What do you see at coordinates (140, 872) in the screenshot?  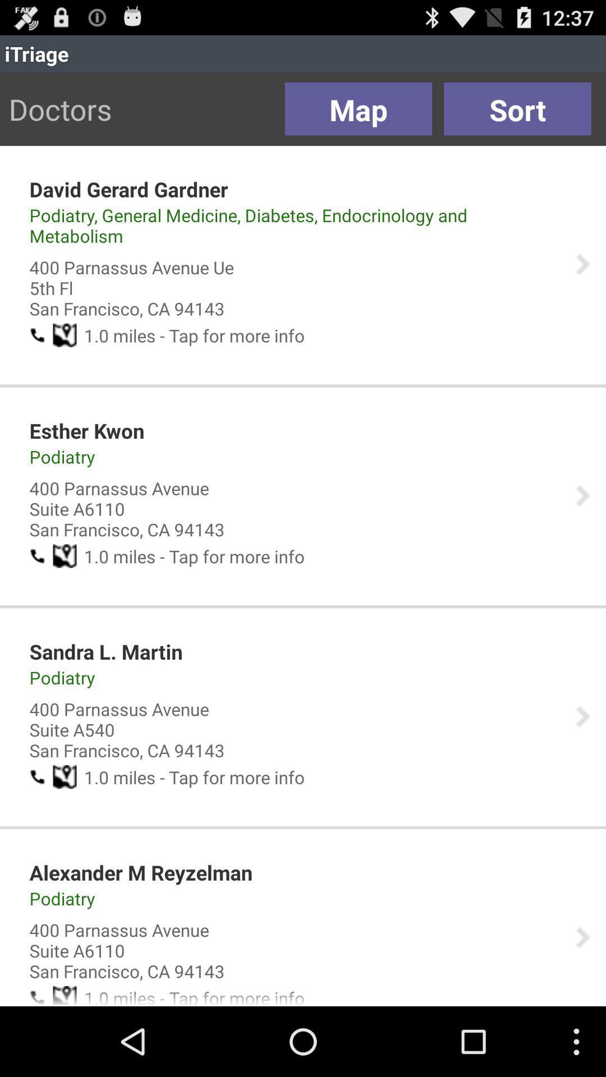 I see `the item below 1.0 icon` at bounding box center [140, 872].